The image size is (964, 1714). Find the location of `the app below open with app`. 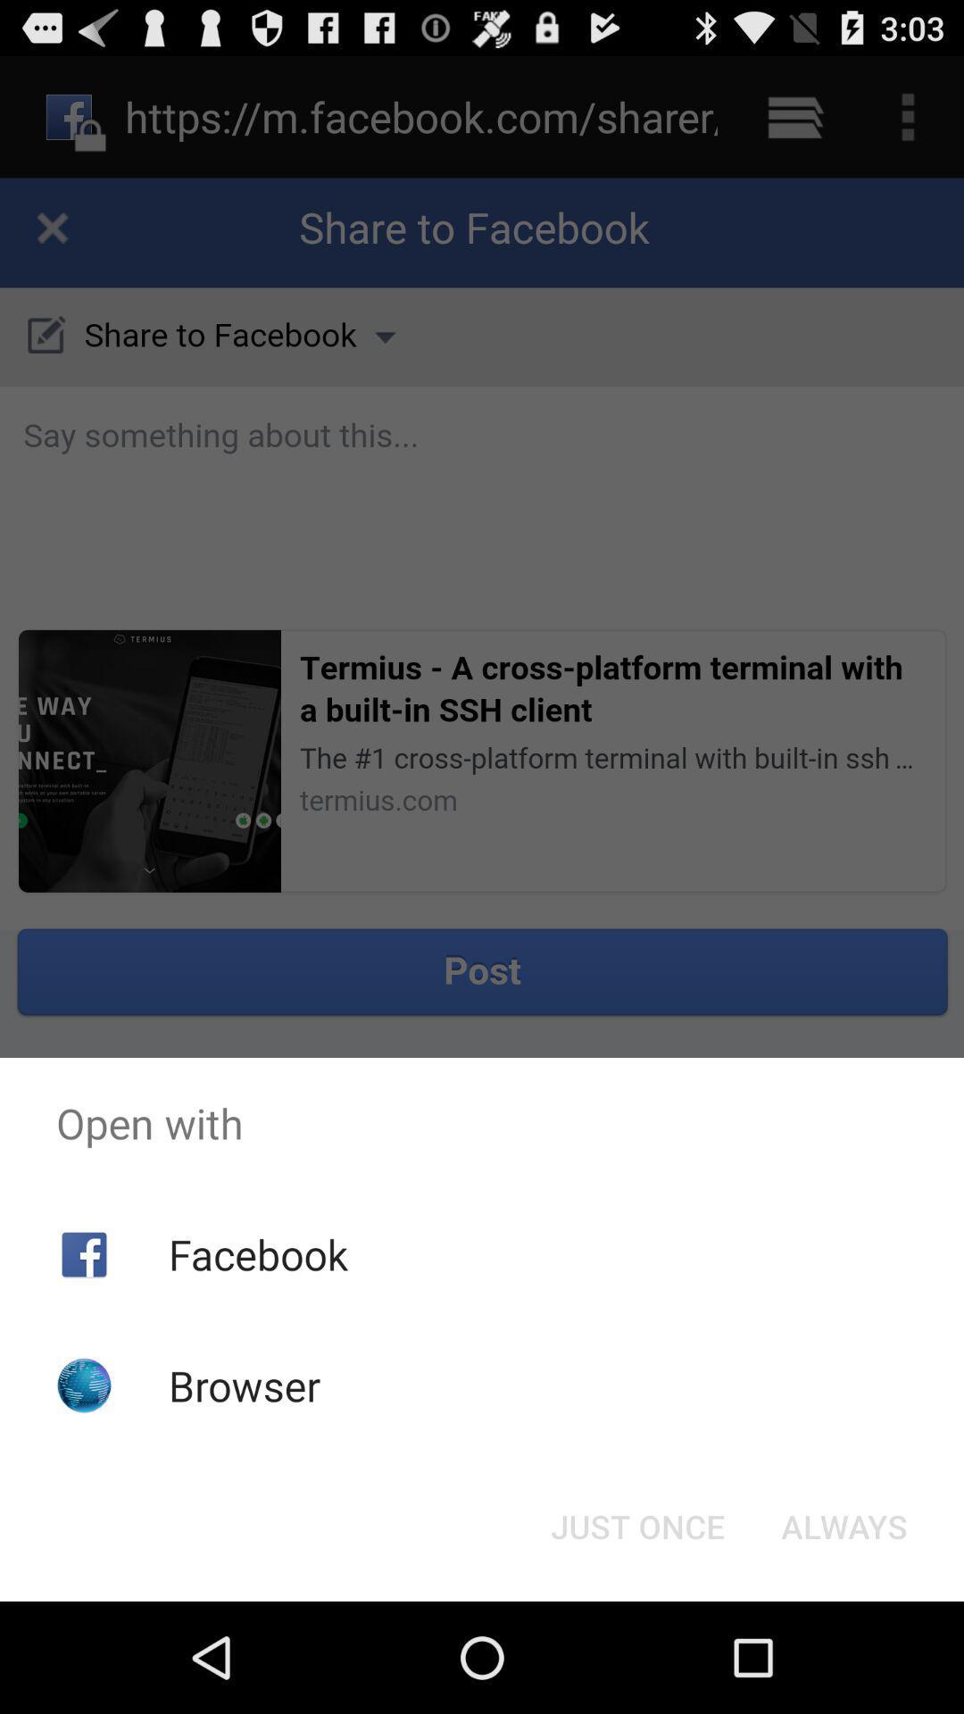

the app below open with app is located at coordinates (258, 1253).